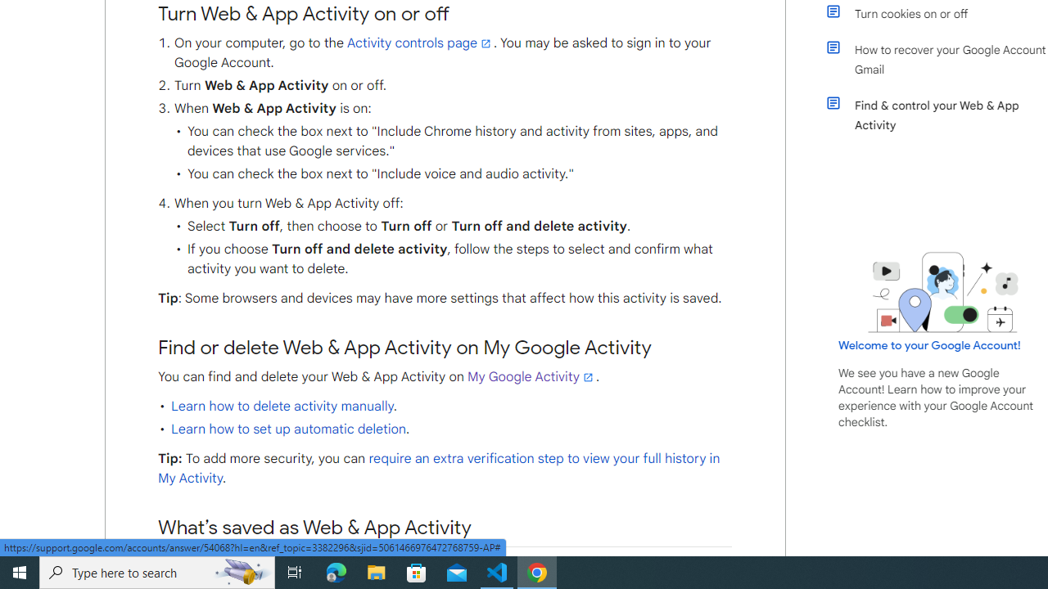 This screenshot has height=589, width=1048. What do you see at coordinates (531, 376) in the screenshot?
I see `'My Google Activity'` at bounding box center [531, 376].